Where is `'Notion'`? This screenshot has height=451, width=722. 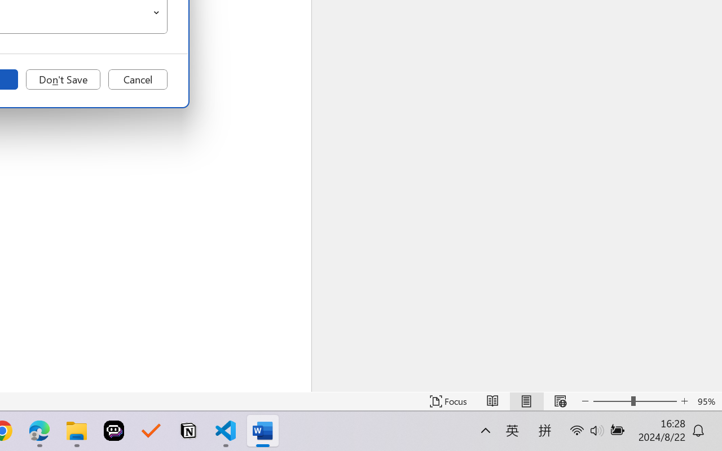
'Notion' is located at coordinates (188, 431).